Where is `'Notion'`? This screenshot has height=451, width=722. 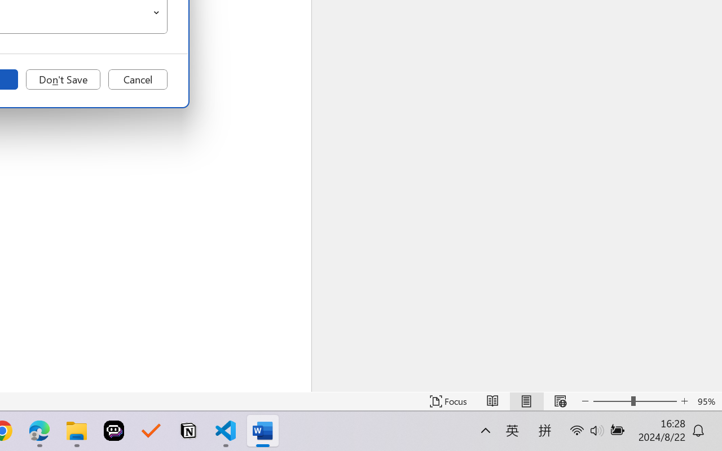
'Notion' is located at coordinates (188, 431).